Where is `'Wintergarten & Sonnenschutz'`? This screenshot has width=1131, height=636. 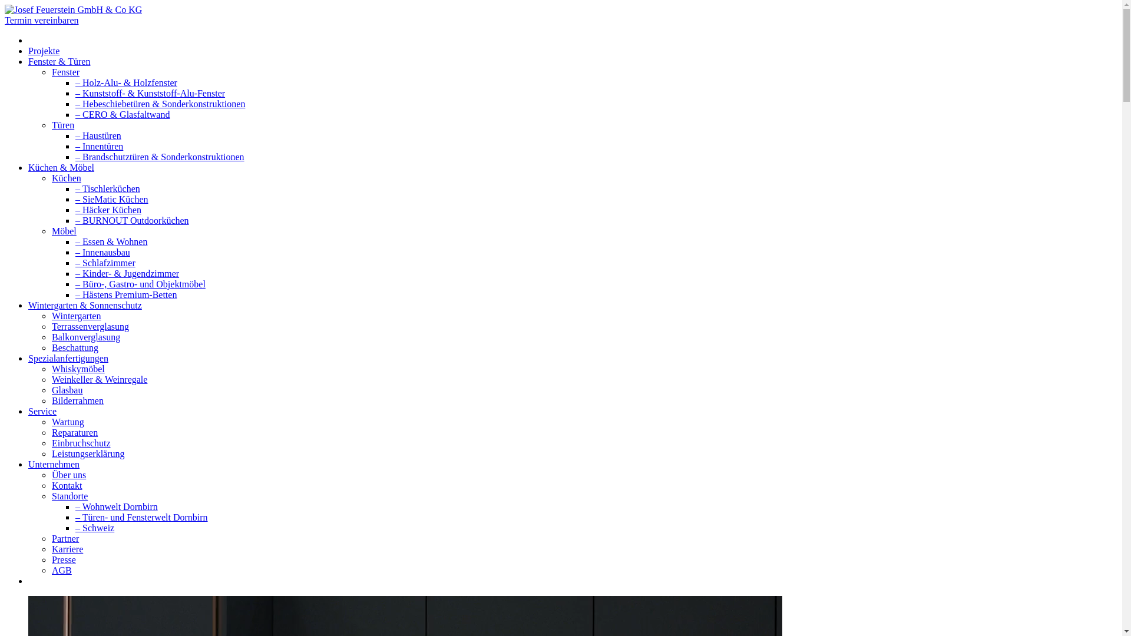
'Wintergarten & Sonnenschutz' is located at coordinates (84, 304).